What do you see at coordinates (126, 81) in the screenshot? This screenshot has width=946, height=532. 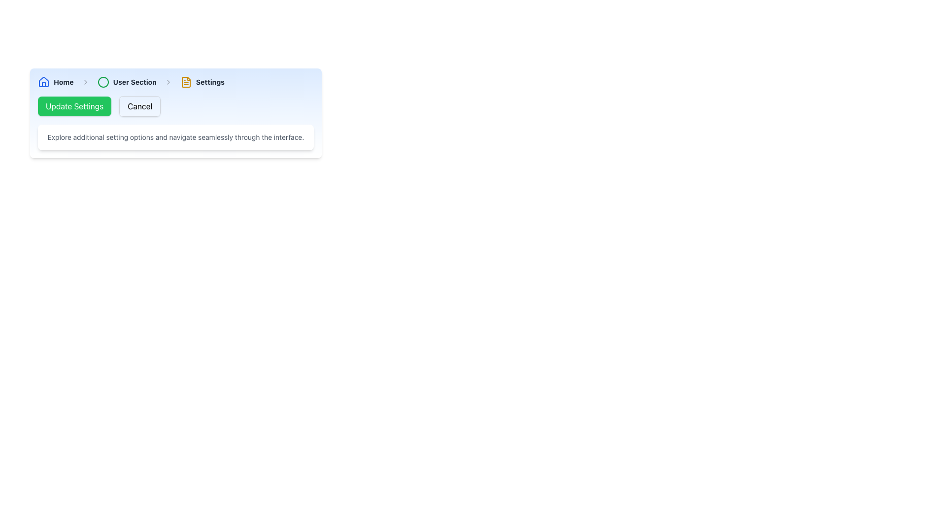 I see `the 'User Section' breadcrumb item, which is a bold dark gray text label with a green outlined circle icon to its left` at bounding box center [126, 81].